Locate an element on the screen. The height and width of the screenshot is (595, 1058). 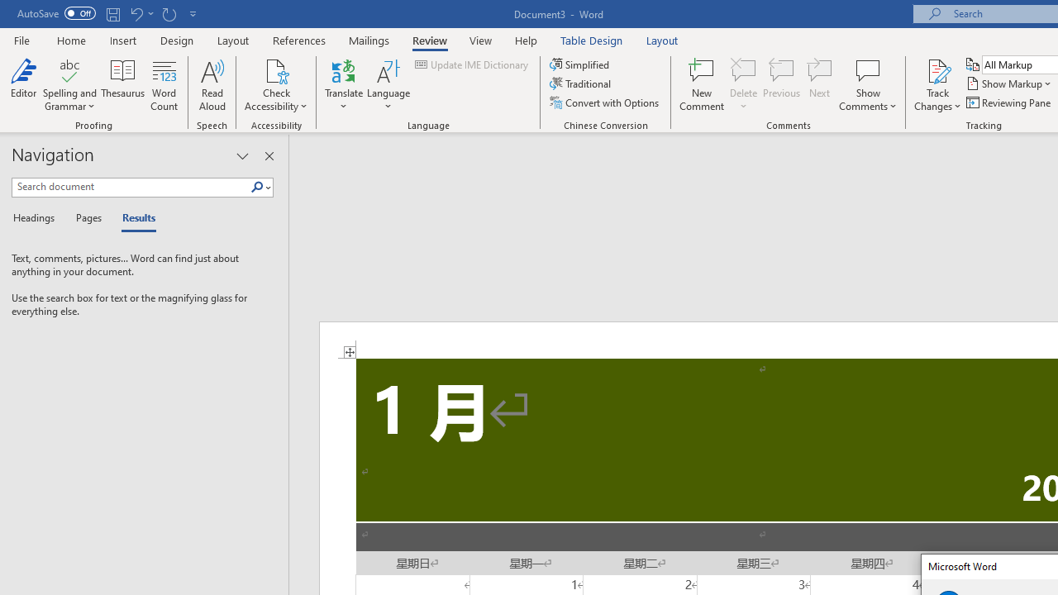
'Show Comments' is located at coordinates (867, 69).